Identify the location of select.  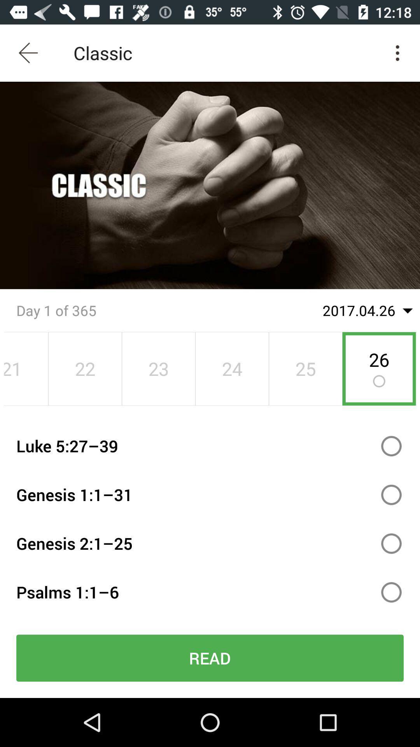
(391, 446).